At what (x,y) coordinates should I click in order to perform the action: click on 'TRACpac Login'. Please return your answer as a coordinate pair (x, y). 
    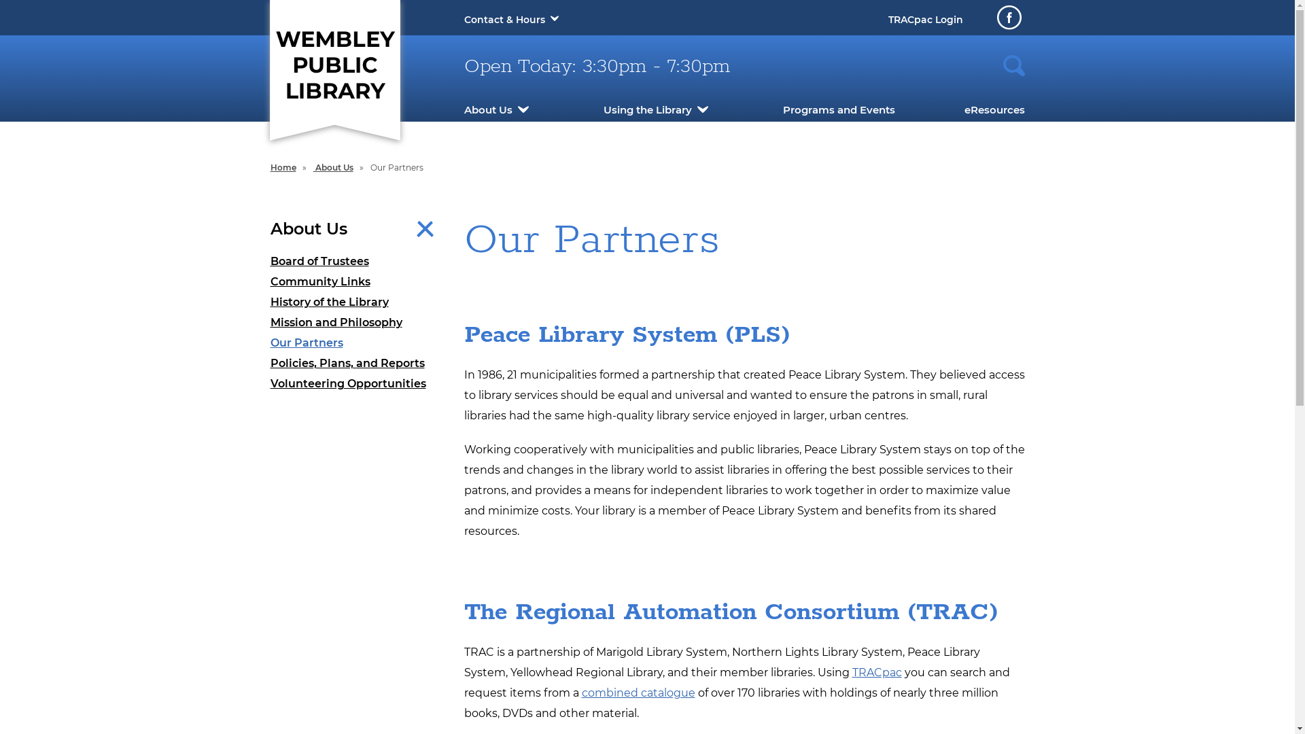
    Looking at the image, I should click on (924, 20).